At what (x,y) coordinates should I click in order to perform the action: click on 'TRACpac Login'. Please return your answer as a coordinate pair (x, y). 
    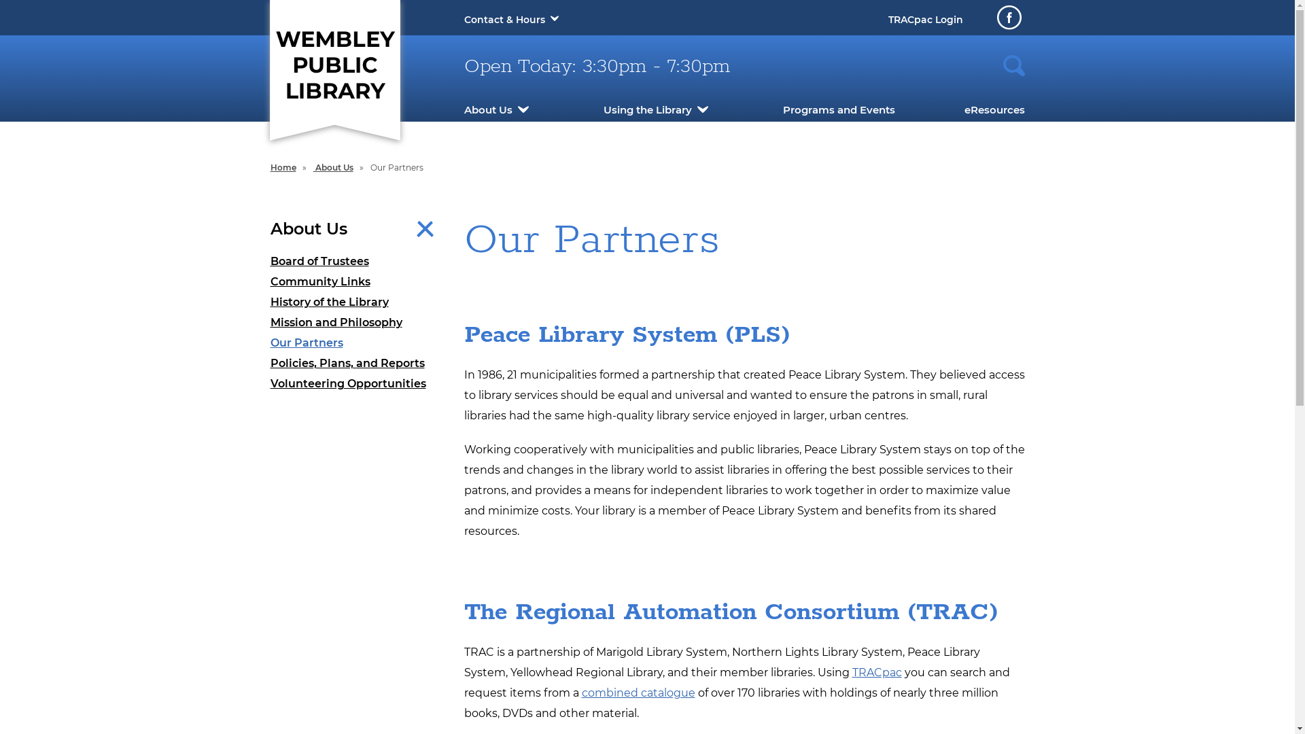
    Looking at the image, I should click on (924, 20).